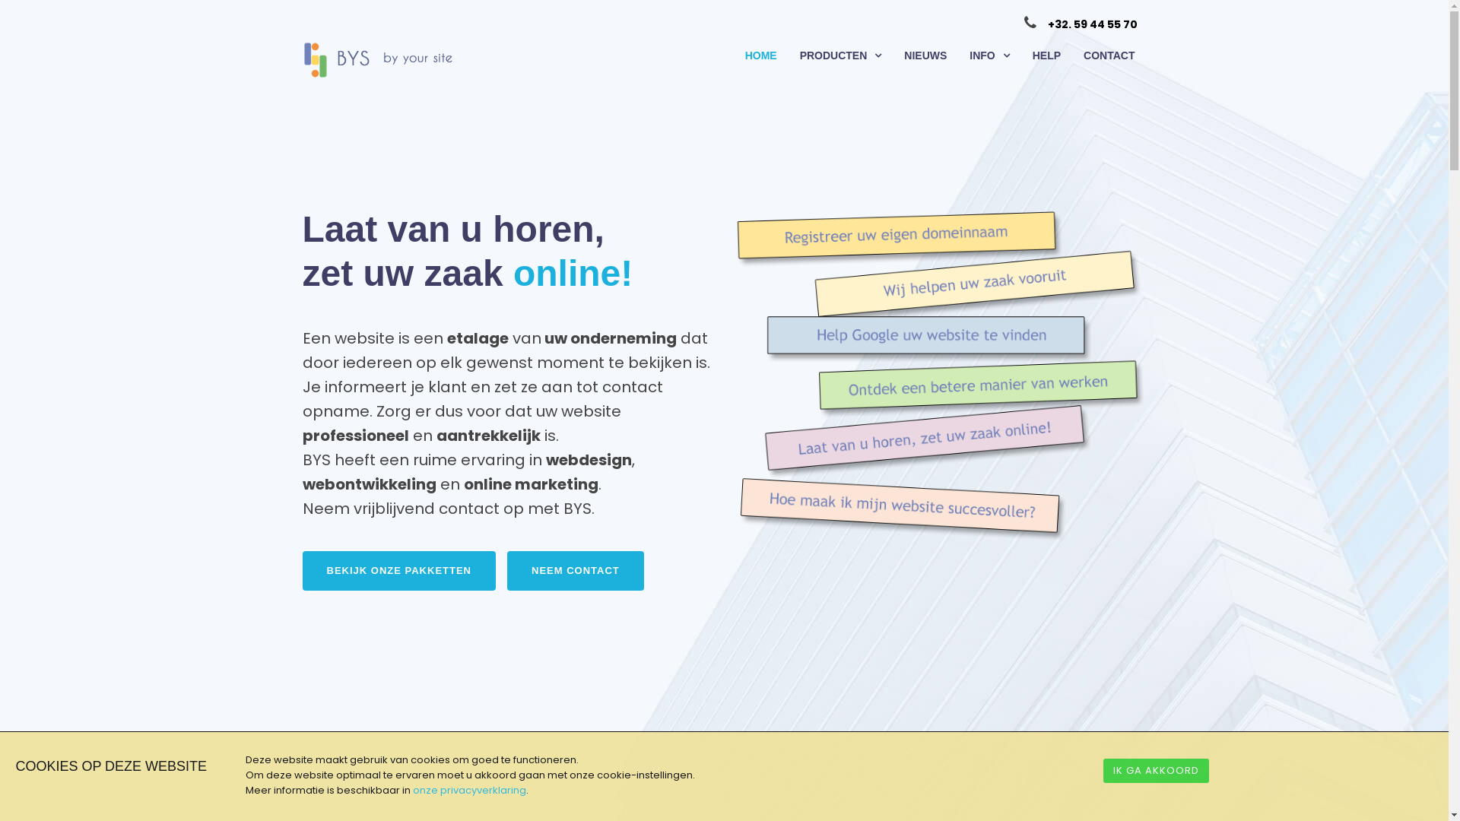  Describe the element at coordinates (925, 55) in the screenshot. I see `'NIEUWS'` at that location.